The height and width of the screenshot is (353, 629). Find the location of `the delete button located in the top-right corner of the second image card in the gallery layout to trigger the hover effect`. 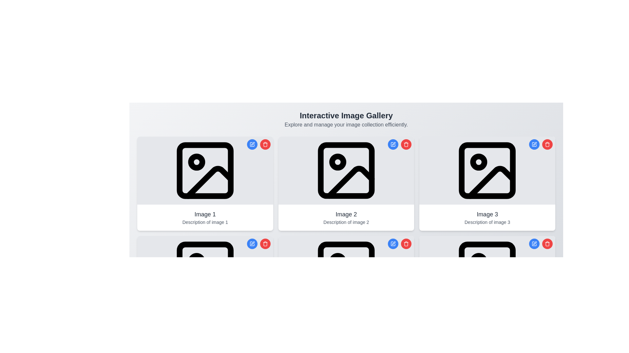

the delete button located in the top-right corner of the second image card in the gallery layout to trigger the hover effect is located at coordinates (406, 144).